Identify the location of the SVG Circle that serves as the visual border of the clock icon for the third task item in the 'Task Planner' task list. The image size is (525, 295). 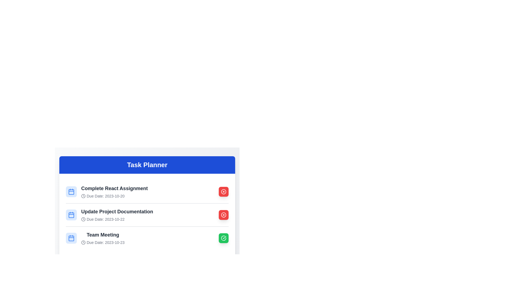
(83, 242).